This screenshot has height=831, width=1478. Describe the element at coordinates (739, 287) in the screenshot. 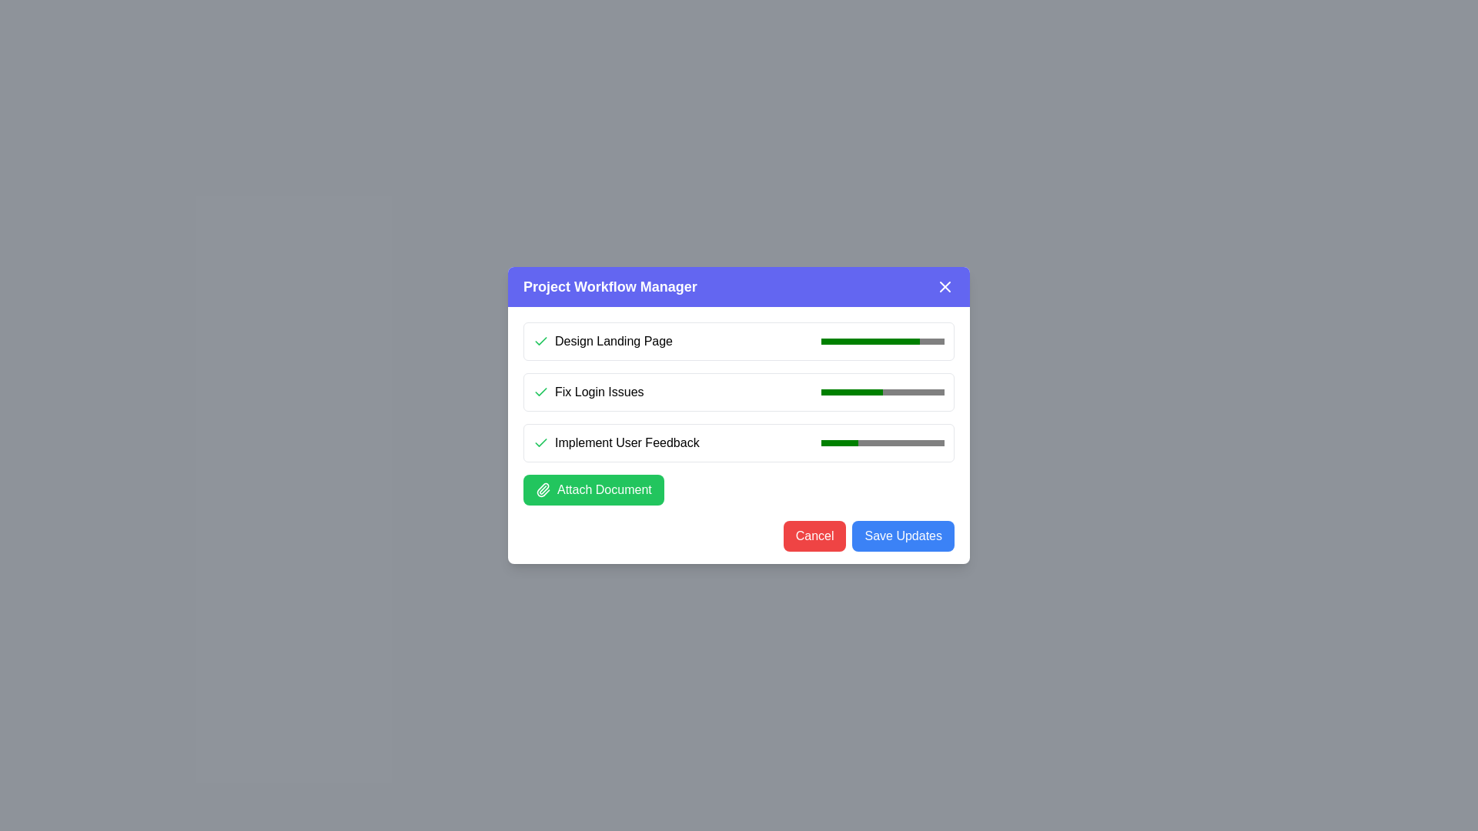

I see `the header bar at the top-center of the modal dialog` at that location.